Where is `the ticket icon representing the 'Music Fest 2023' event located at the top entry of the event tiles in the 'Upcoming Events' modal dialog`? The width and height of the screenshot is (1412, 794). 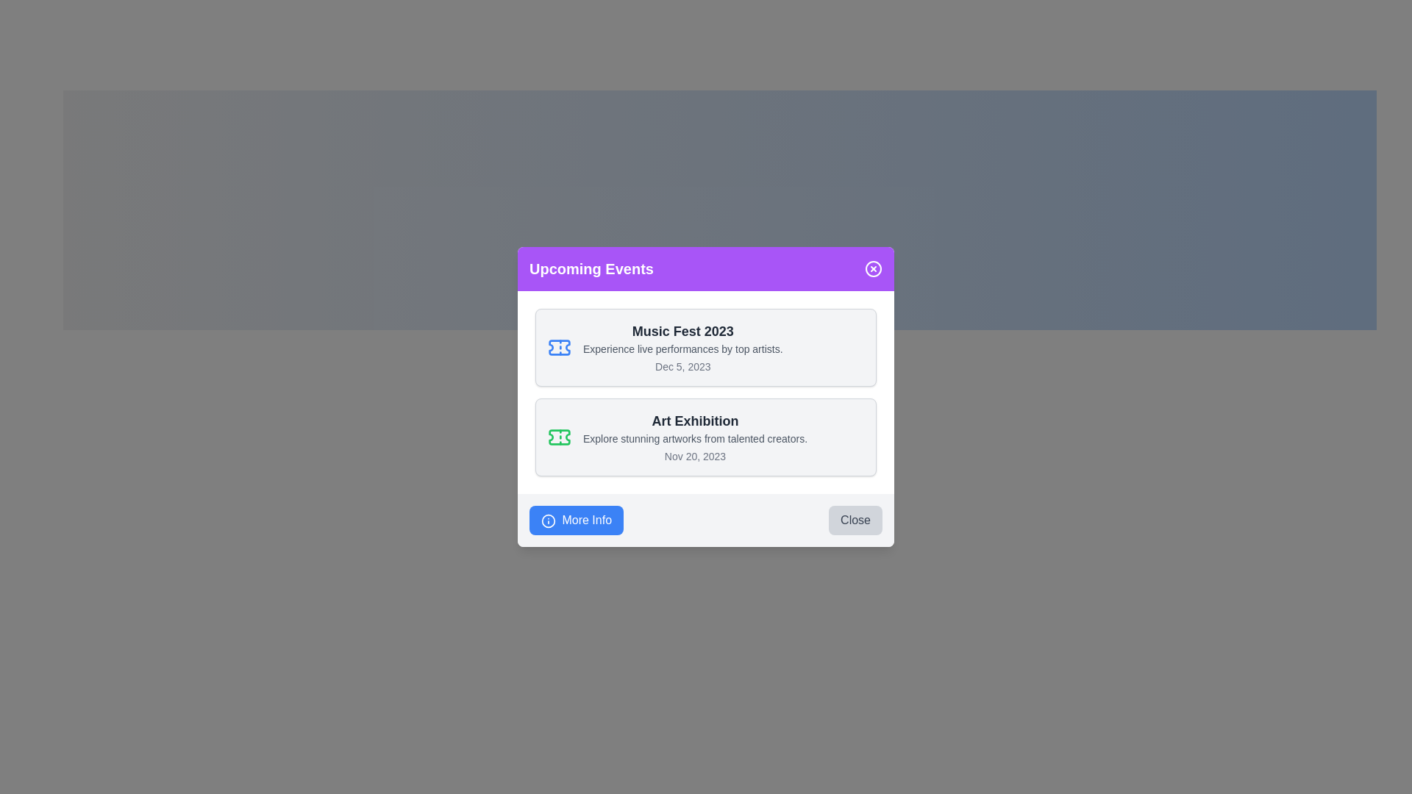 the ticket icon representing the 'Music Fest 2023' event located at the top entry of the event tiles in the 'Upcoming Events' modal dialog is located at coordinates (559, 436).